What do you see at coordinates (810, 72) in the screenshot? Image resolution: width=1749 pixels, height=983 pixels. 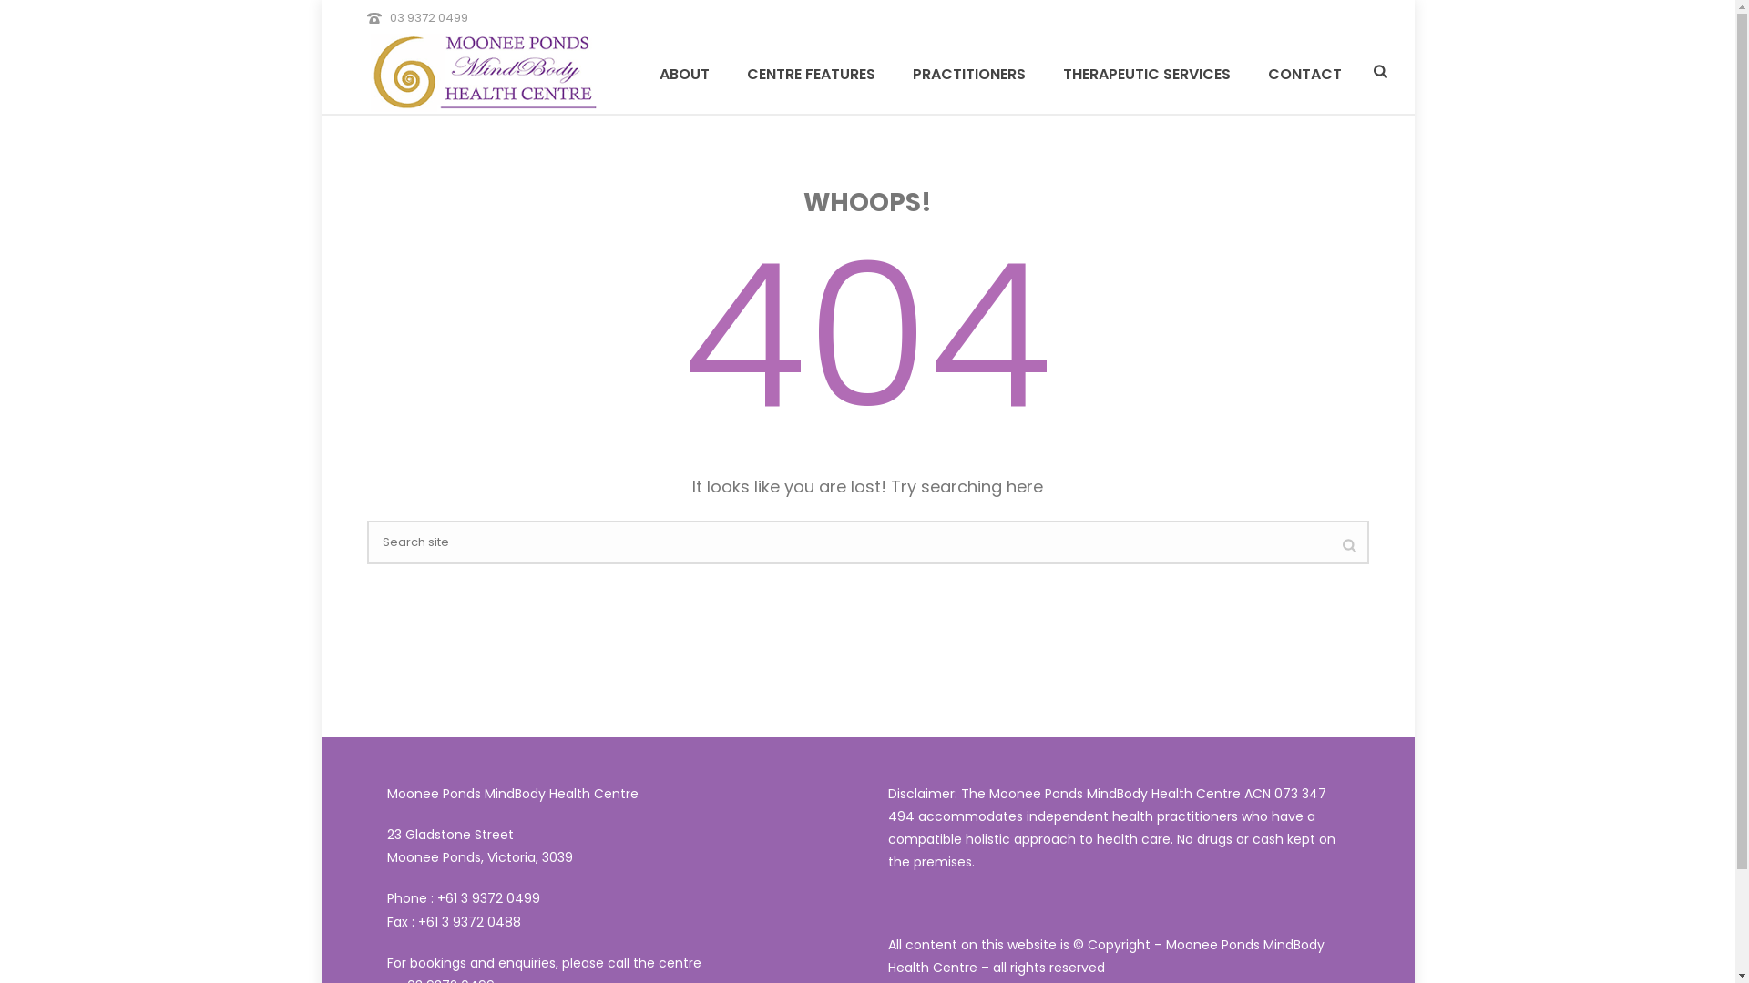 I see `'CENTRE FEATURES'` at bounding box center [810, 72].